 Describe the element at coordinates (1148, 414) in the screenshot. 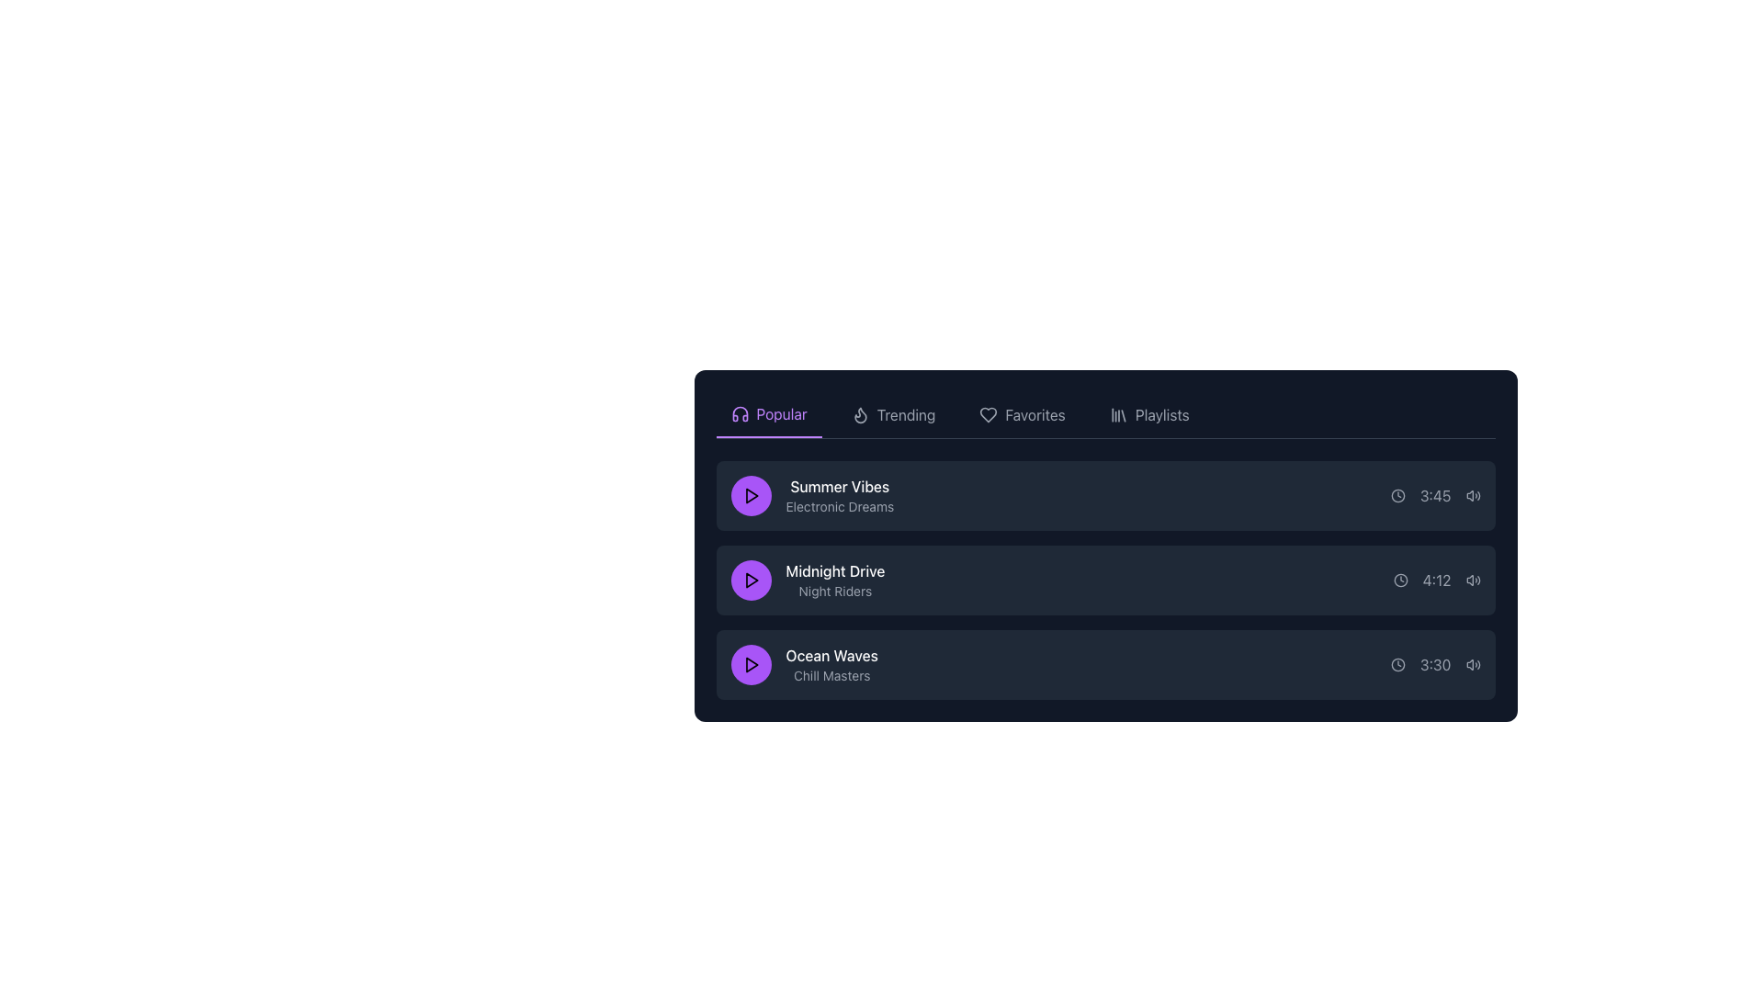

I see `the 'Playlists' button, which is the fourth item in the horizontal menu bar containing 'Popular', 'Trending', and 'Favorites', located centrally in the top portion of the interface` at that location.